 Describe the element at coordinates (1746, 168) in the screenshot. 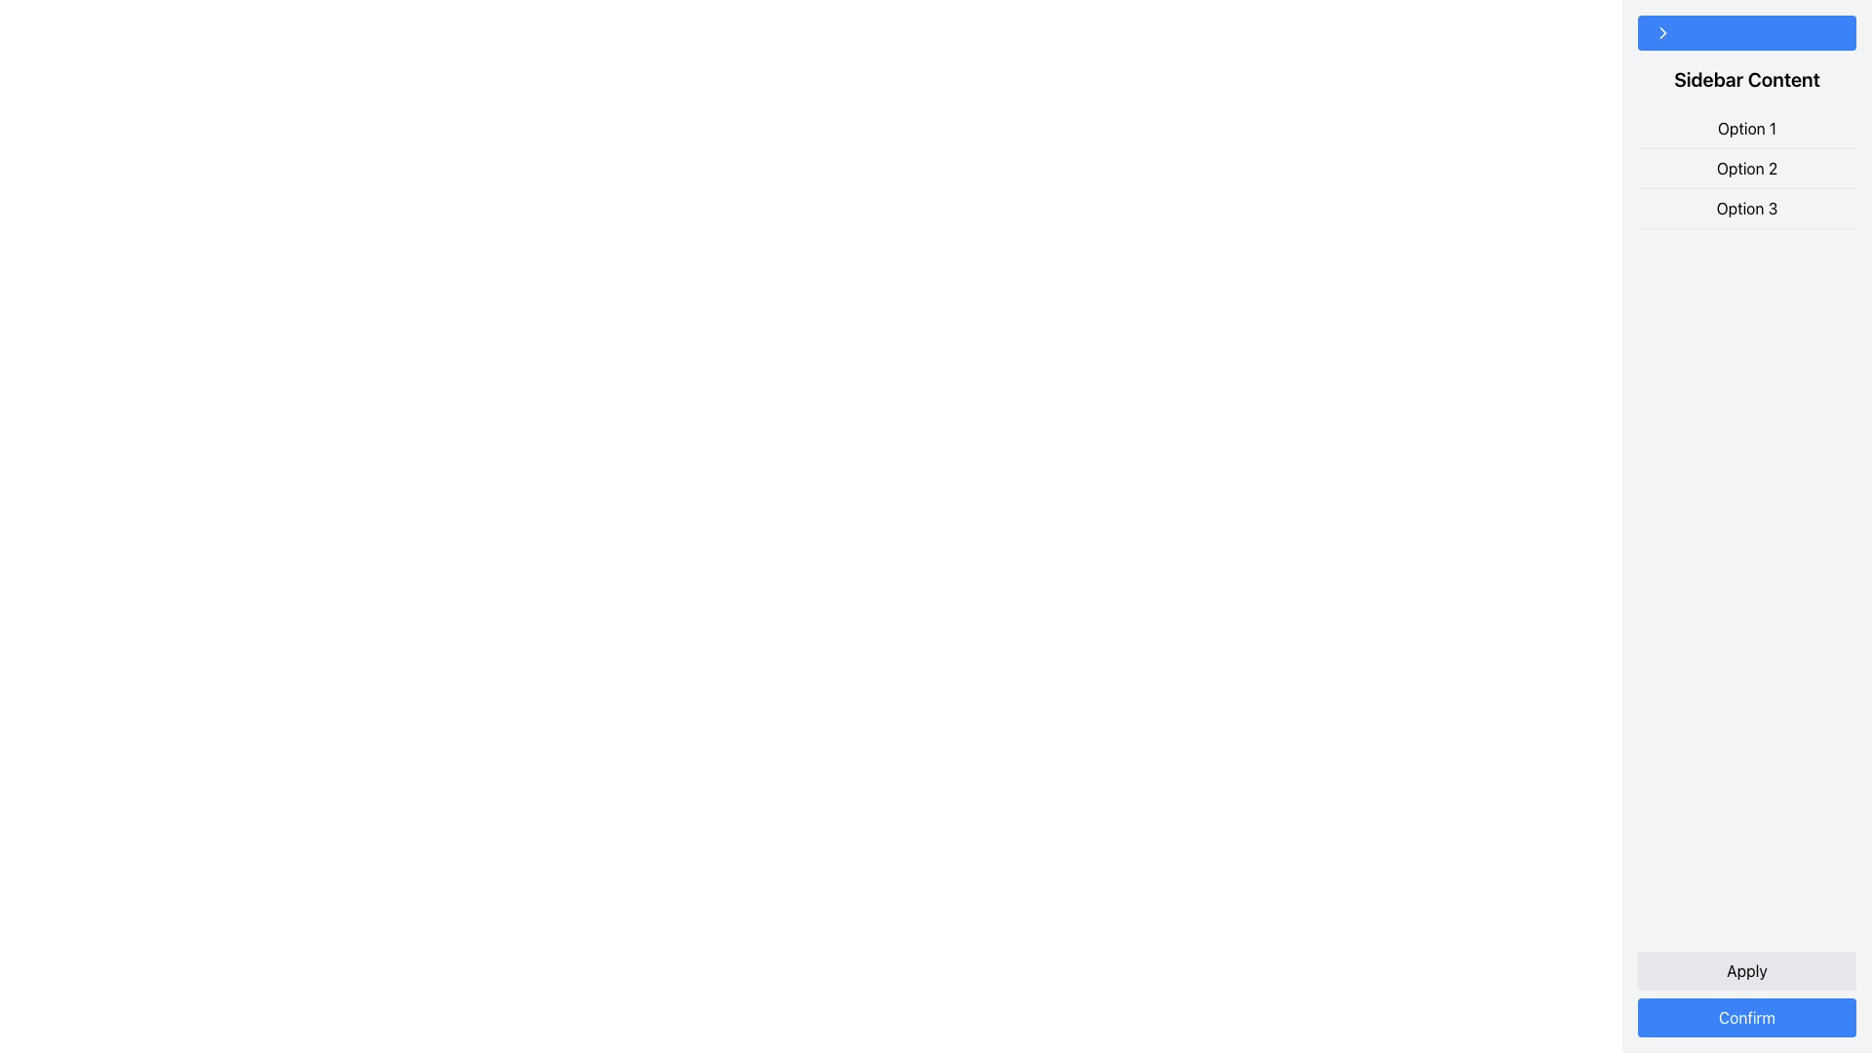

I see `the vertical list of selectable options labeled 'Option 1', 'Option 2', and 'Option 3' located under the 'Sidebar Content' heading` at that location.